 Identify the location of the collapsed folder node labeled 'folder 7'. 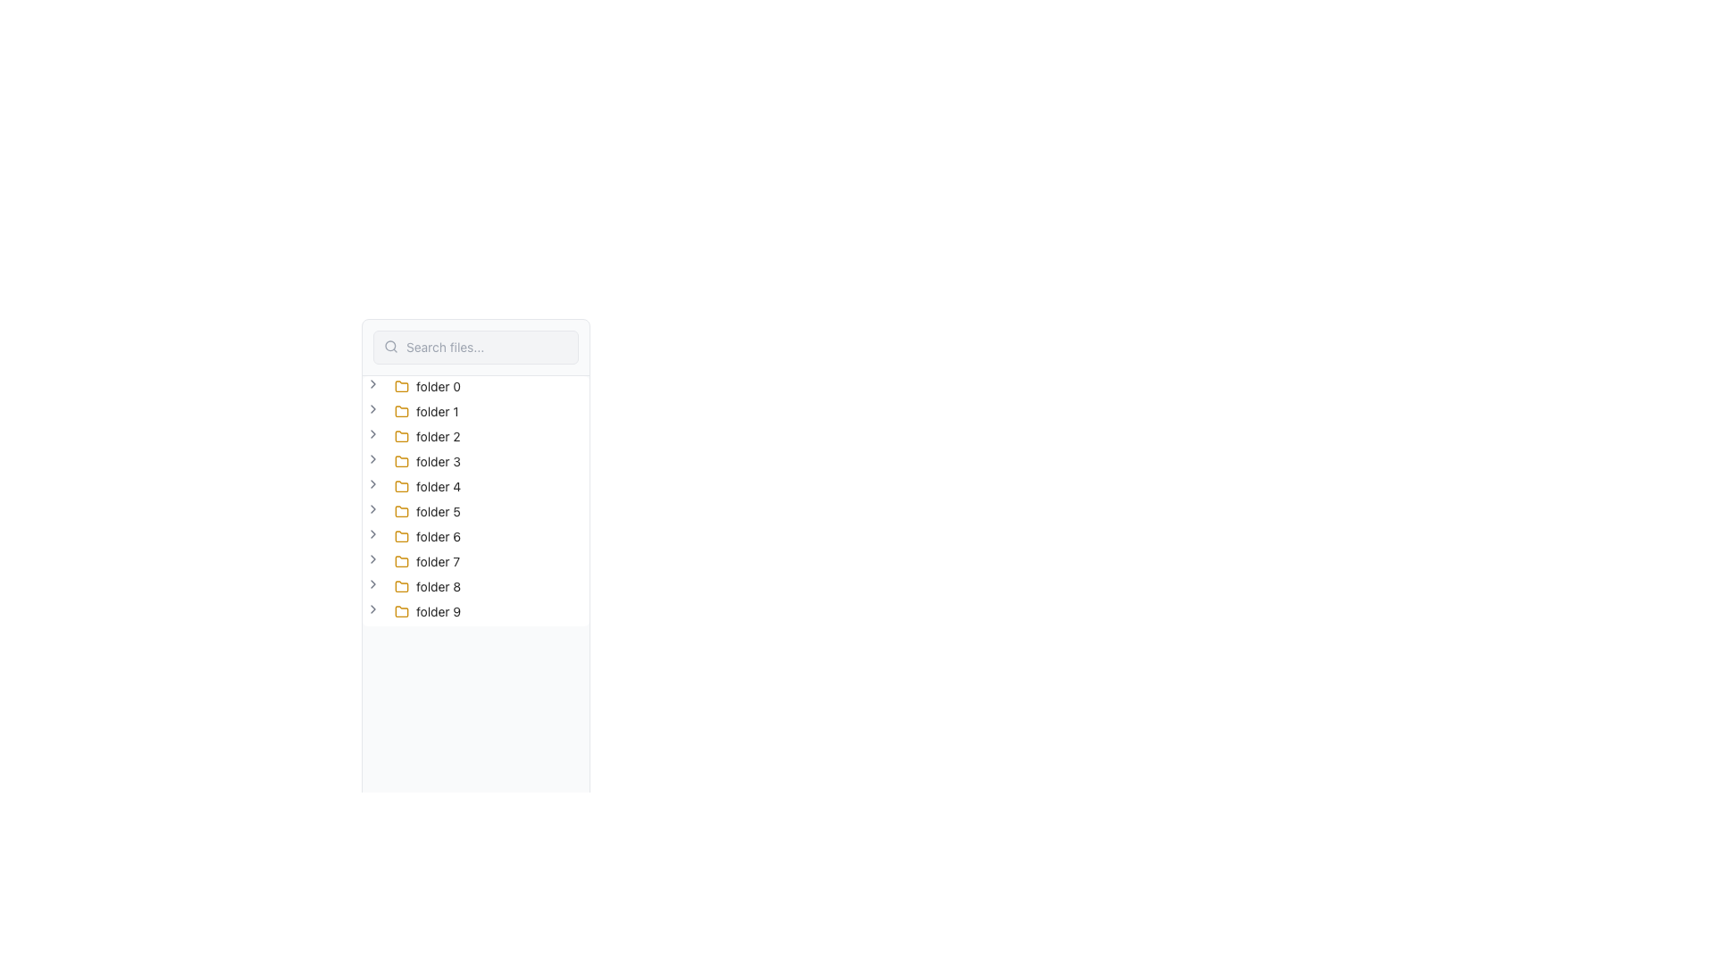
(426, 560).